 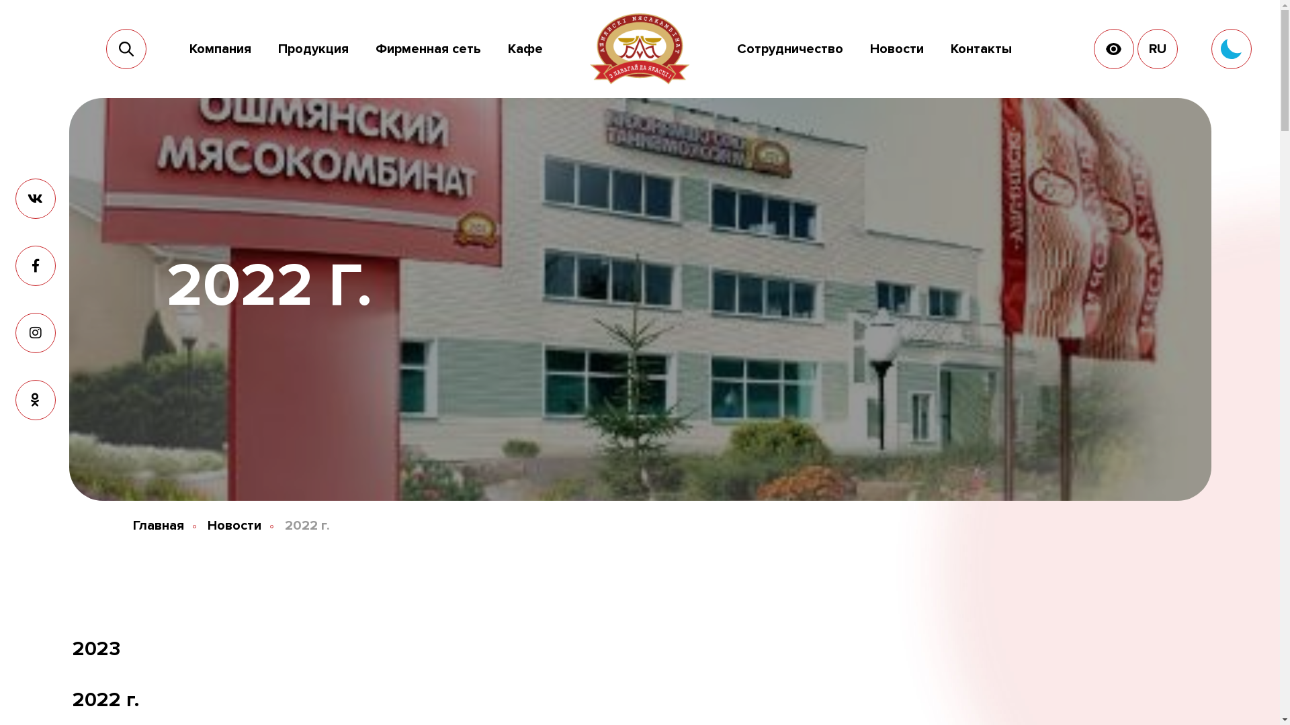 What do you see at coordinates (1157, 48) in the screenshot?
I see `'RU'` at bounding box center [1157, 48].